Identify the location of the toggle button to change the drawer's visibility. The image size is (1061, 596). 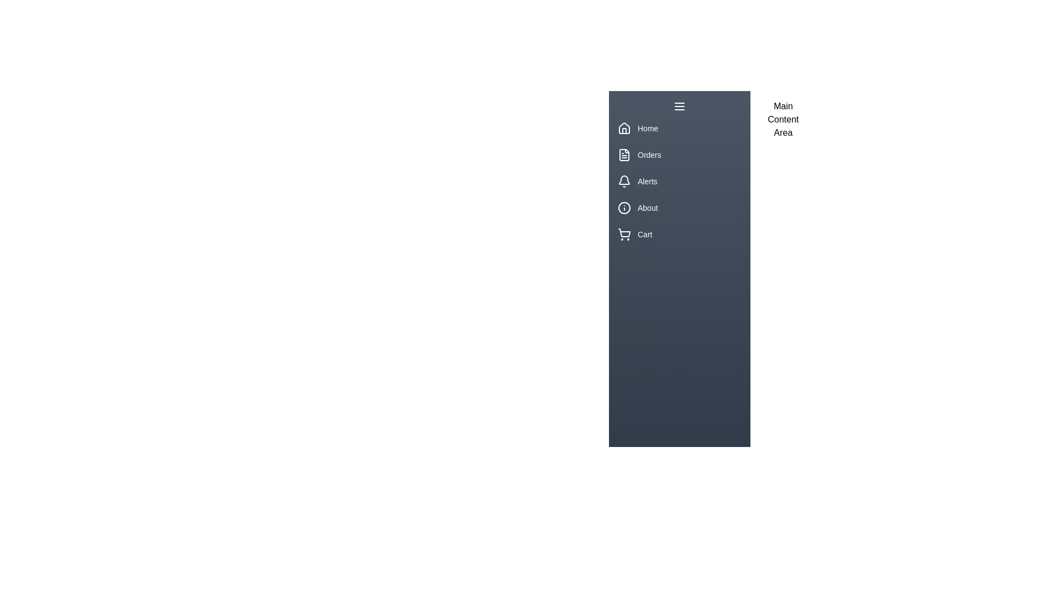
(679, 106).